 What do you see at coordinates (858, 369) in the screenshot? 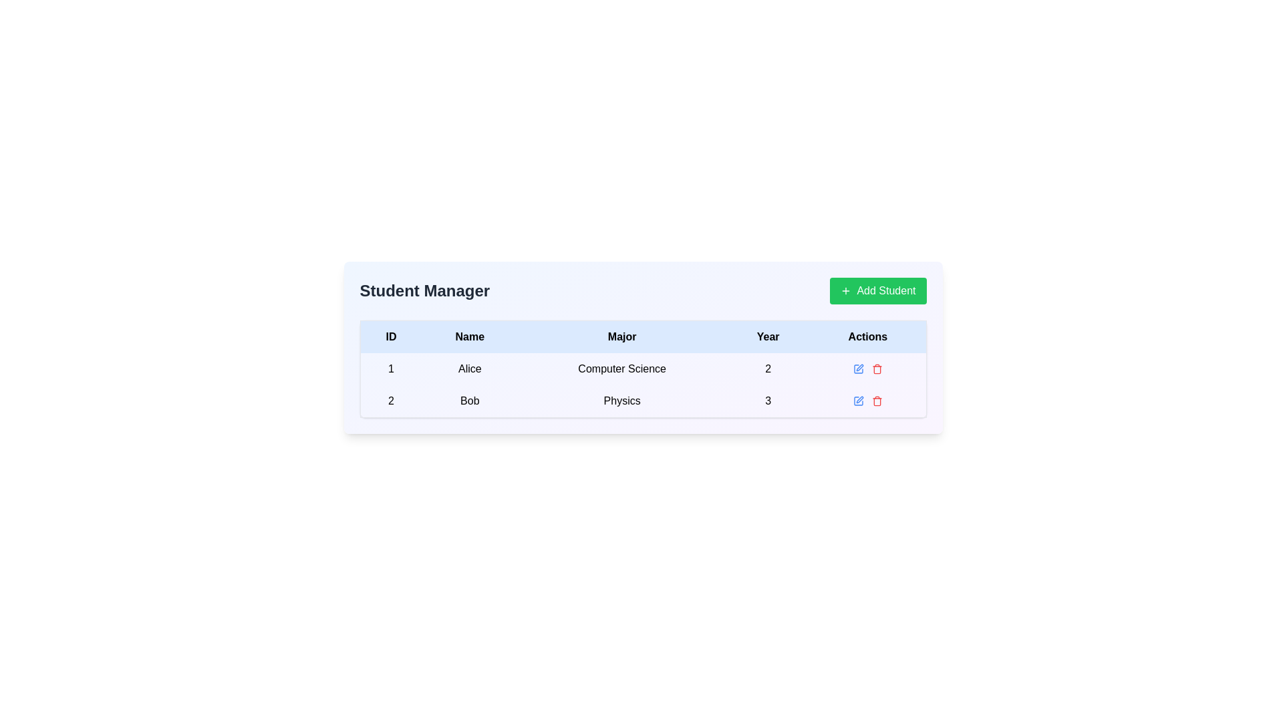
I see `the blue pen icon button in the 'Actions' column for the student named 'Bob'` at bounding box center [858, 369].